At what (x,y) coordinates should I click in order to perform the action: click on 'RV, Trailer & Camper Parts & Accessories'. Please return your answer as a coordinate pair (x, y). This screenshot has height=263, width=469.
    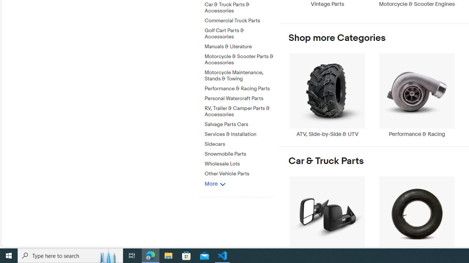
    Looking at the image, I should click on (239, 110).